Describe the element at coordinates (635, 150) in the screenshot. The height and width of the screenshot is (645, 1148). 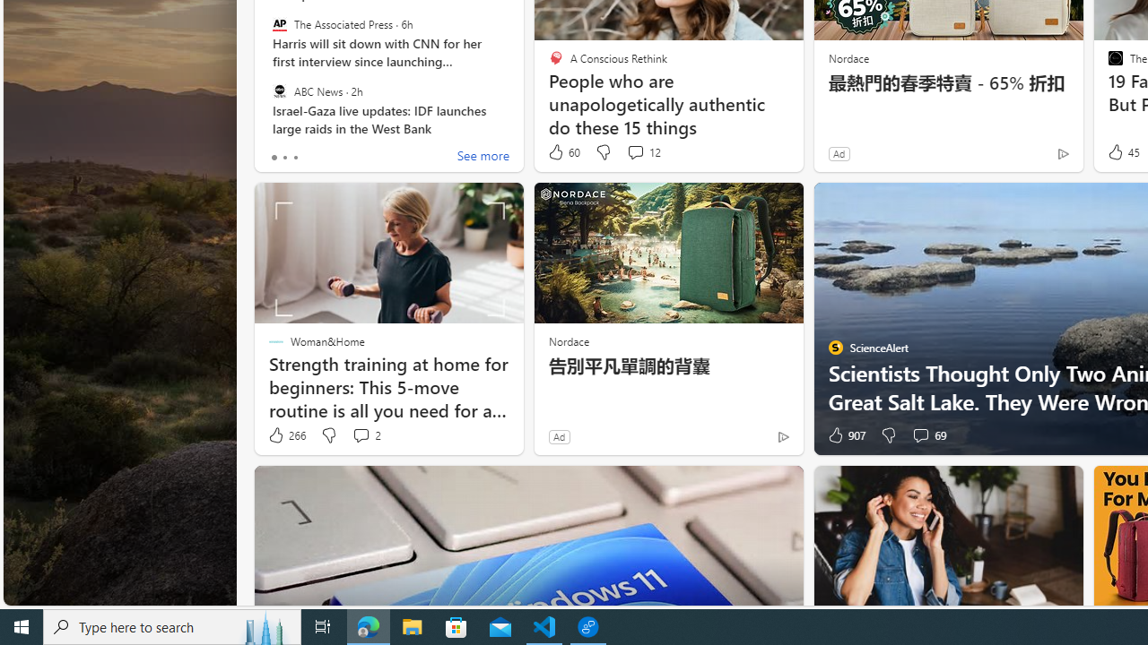
I see `'View comments 12 Comment'` at that location.